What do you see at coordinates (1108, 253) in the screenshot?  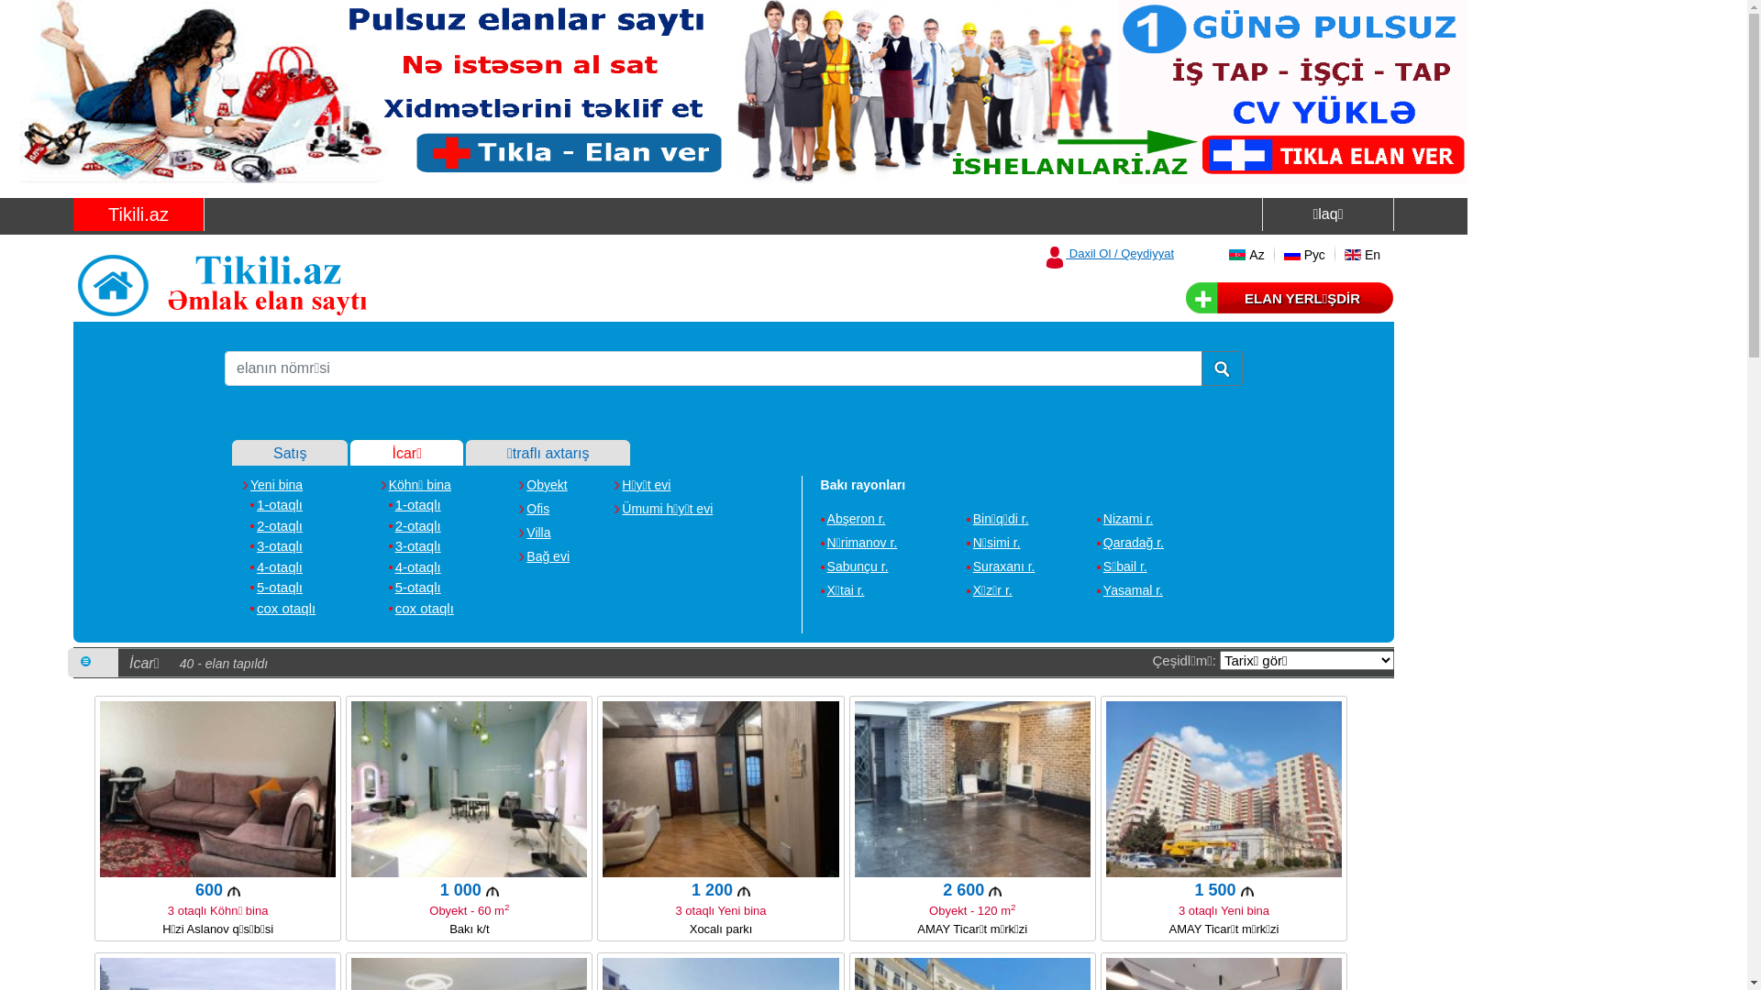 I see `'Daxil Ol / Qeydiyyat'` at bounding box center [1108, 253].